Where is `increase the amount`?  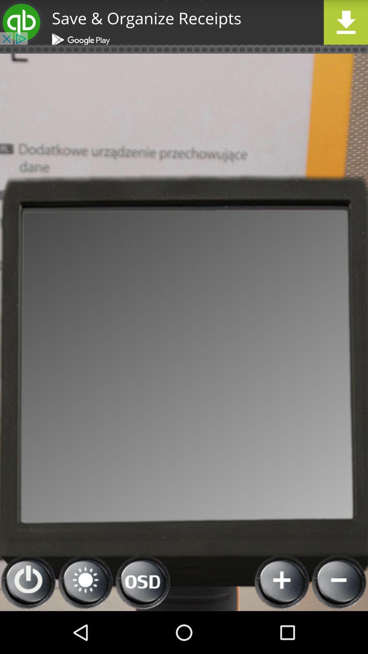 increase the amount is located at coordinates (282, 582).